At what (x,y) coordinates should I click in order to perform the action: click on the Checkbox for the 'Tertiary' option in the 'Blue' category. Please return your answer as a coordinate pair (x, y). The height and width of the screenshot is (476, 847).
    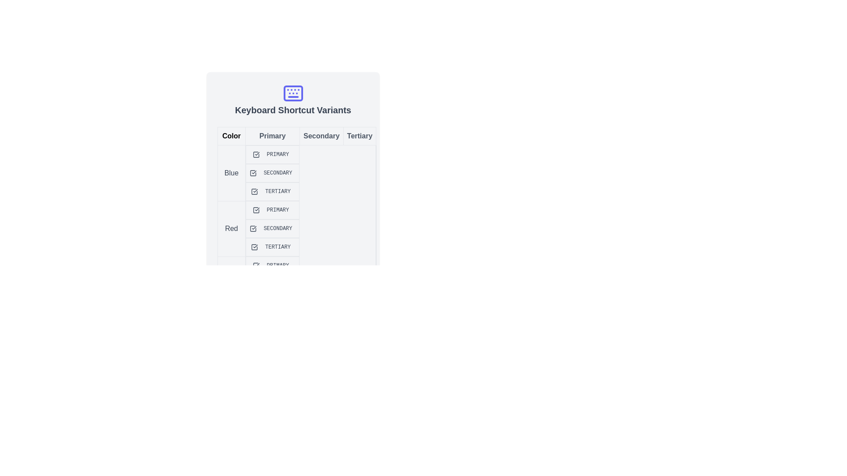
    Looking at the image, I should click on (272, 191).